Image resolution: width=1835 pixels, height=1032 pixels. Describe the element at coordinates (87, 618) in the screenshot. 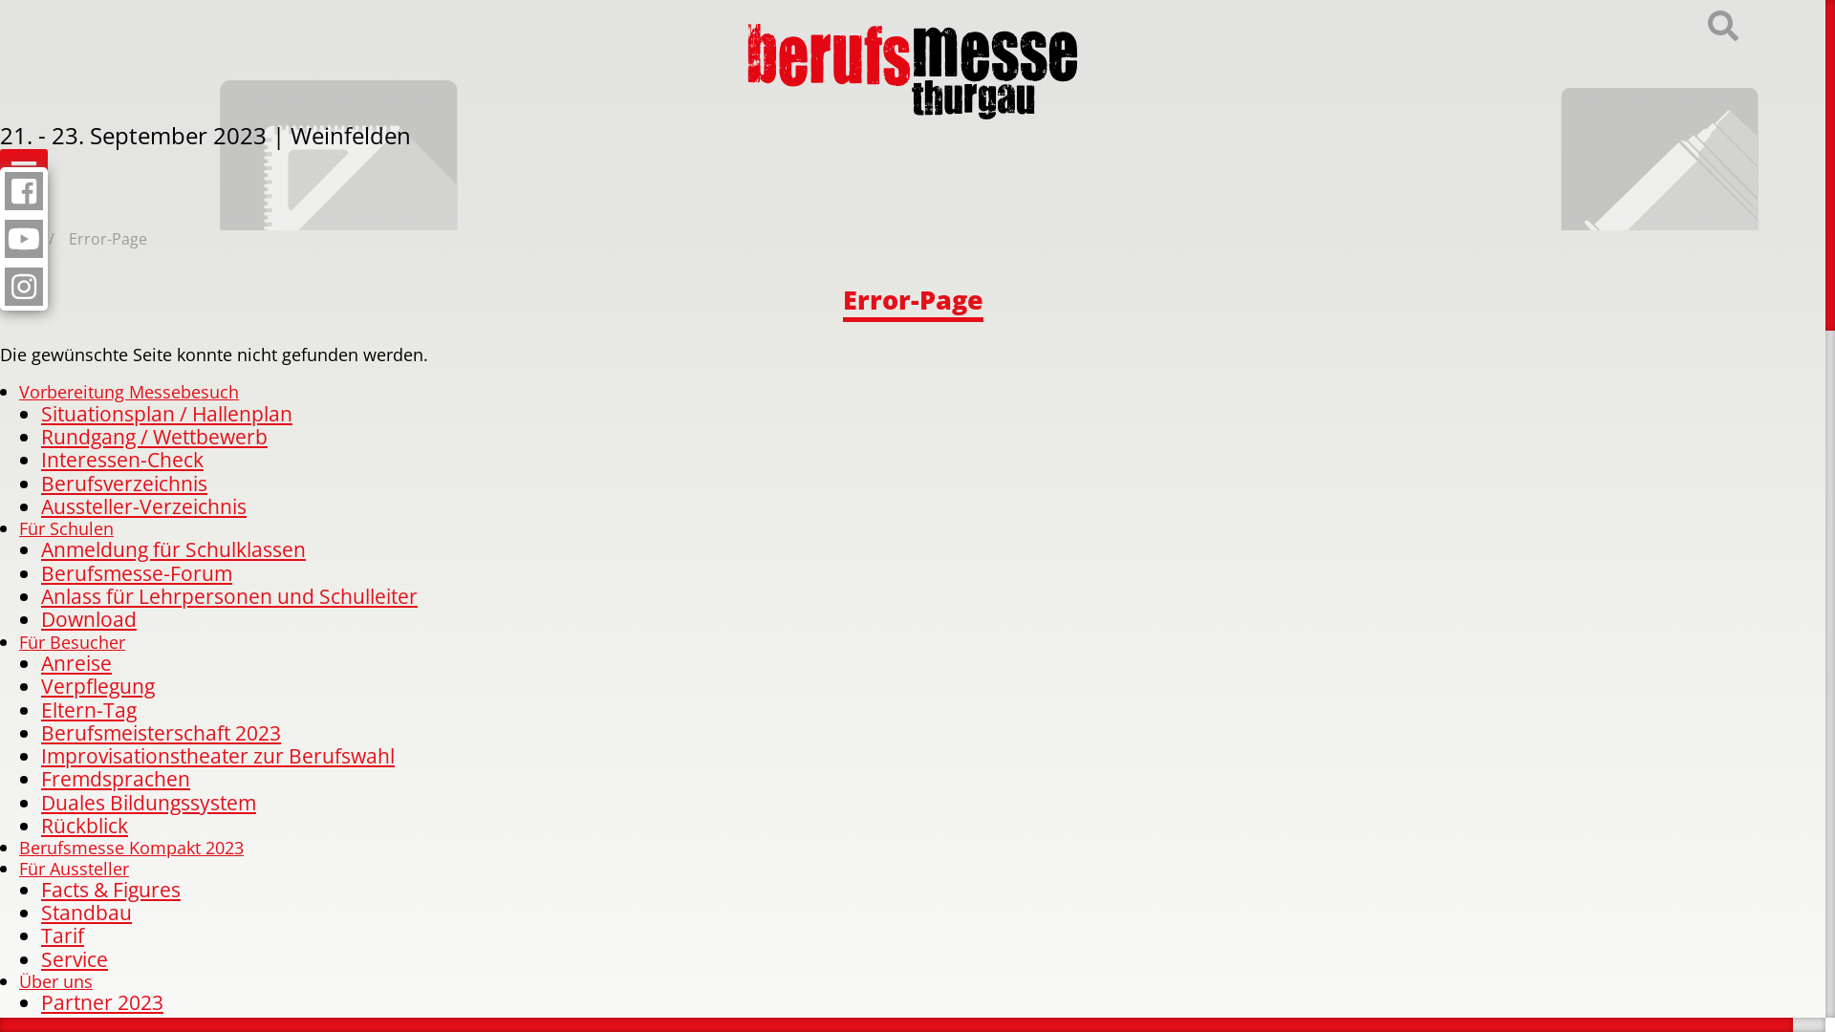

I see `'Download'` at that location.